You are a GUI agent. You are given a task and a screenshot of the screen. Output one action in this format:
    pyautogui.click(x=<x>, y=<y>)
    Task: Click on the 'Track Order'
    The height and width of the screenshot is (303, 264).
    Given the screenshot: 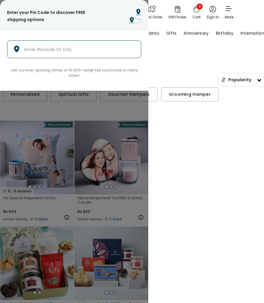 What is the action you would take?
    pyautogui.click(x=141, y=17)
    